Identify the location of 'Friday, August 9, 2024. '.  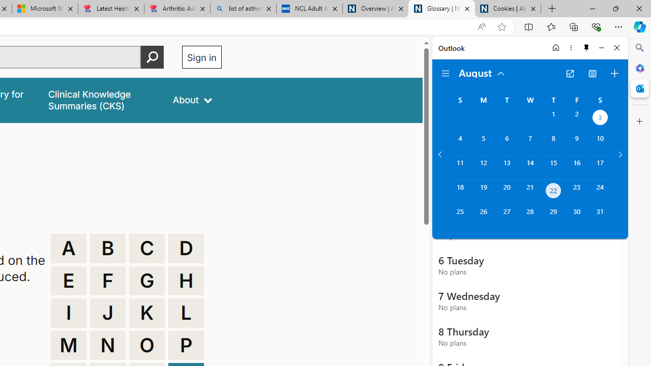
(577, 143).